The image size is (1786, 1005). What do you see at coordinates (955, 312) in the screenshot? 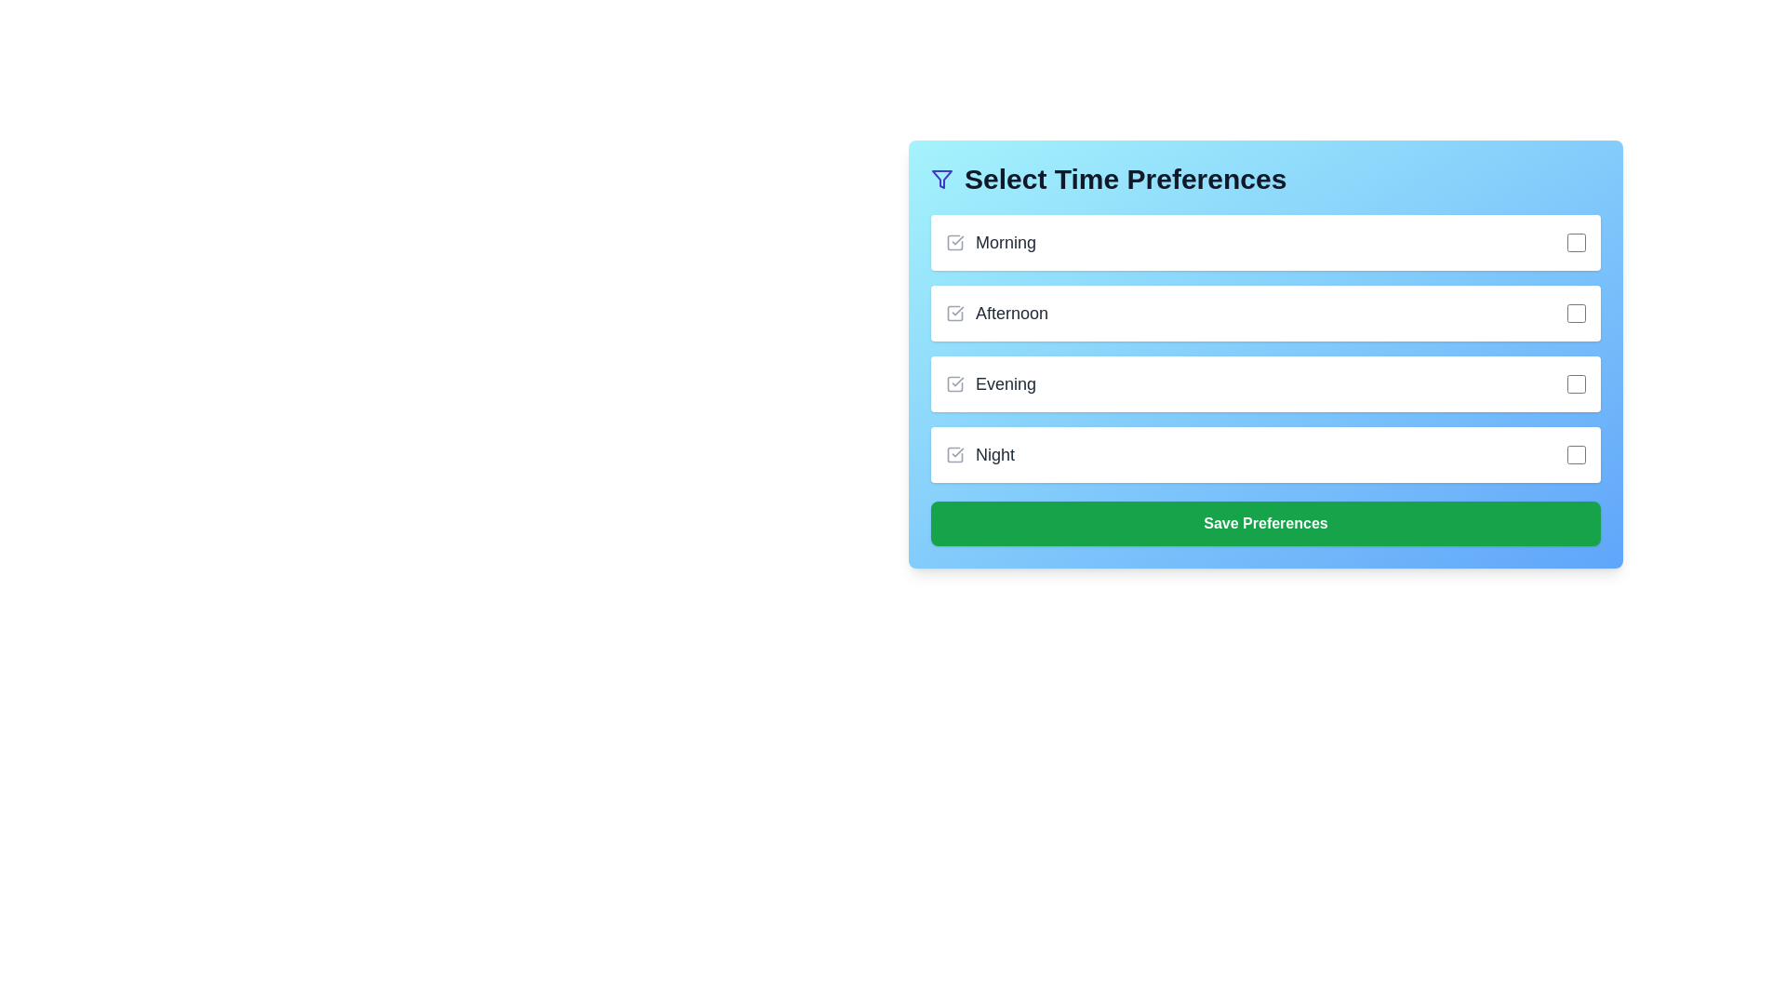
I see `the checkbox icon located to the immediate left of the 'Afternoon' text` at bounding box center [955, 312].